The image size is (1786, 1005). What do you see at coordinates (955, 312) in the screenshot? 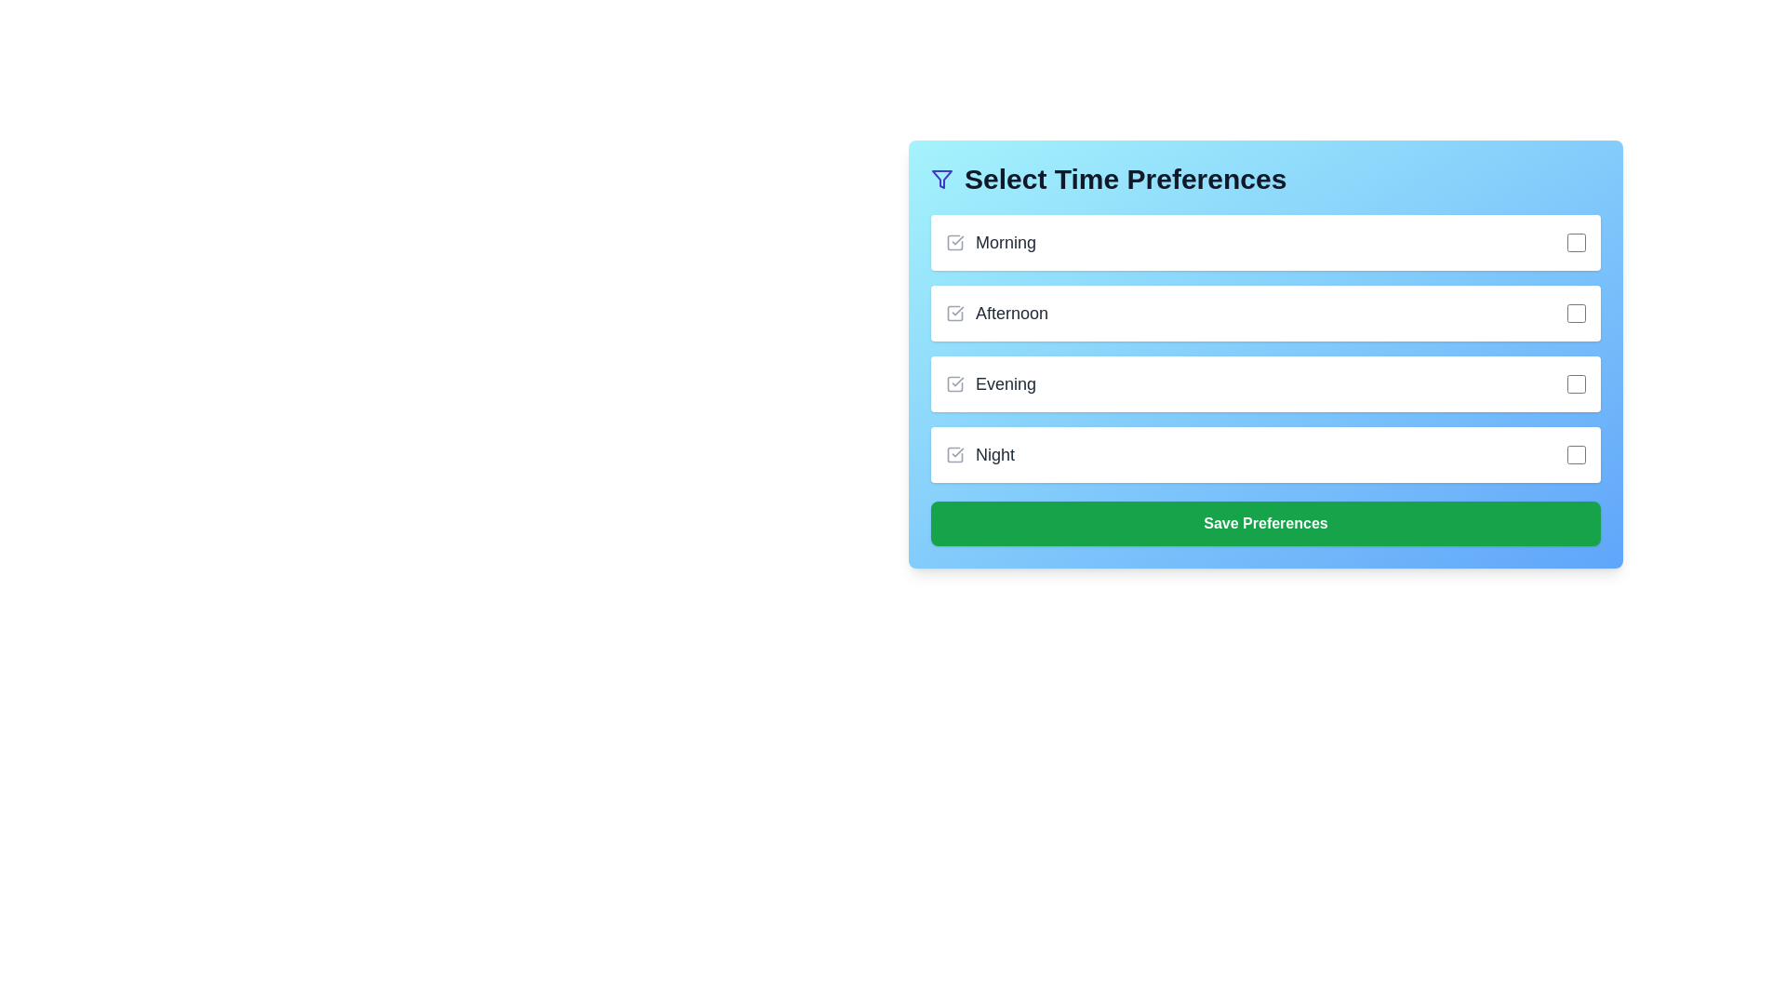
I see `the checkbox icon located to the immediate left of the 'Afternoon' text` at bounding box center [955, 312].